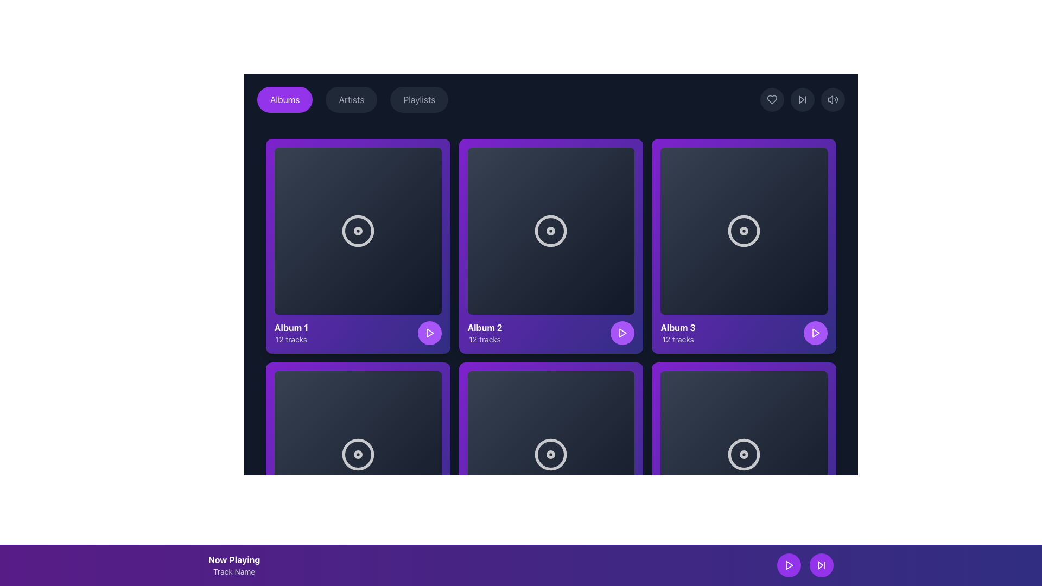 The width and height of the screenshot is (1042, 586). Describe the element at coordinates (744, 454) in the screenshot. I see `the disc icon representing the album in the lower-right cell of the album grid for interaction` at that location.